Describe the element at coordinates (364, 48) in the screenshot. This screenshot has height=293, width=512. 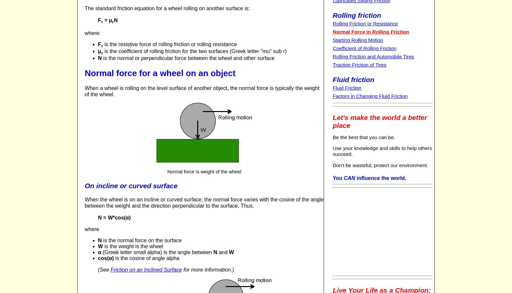
I see `'Coefficient of Rolling Friction'` at that location.